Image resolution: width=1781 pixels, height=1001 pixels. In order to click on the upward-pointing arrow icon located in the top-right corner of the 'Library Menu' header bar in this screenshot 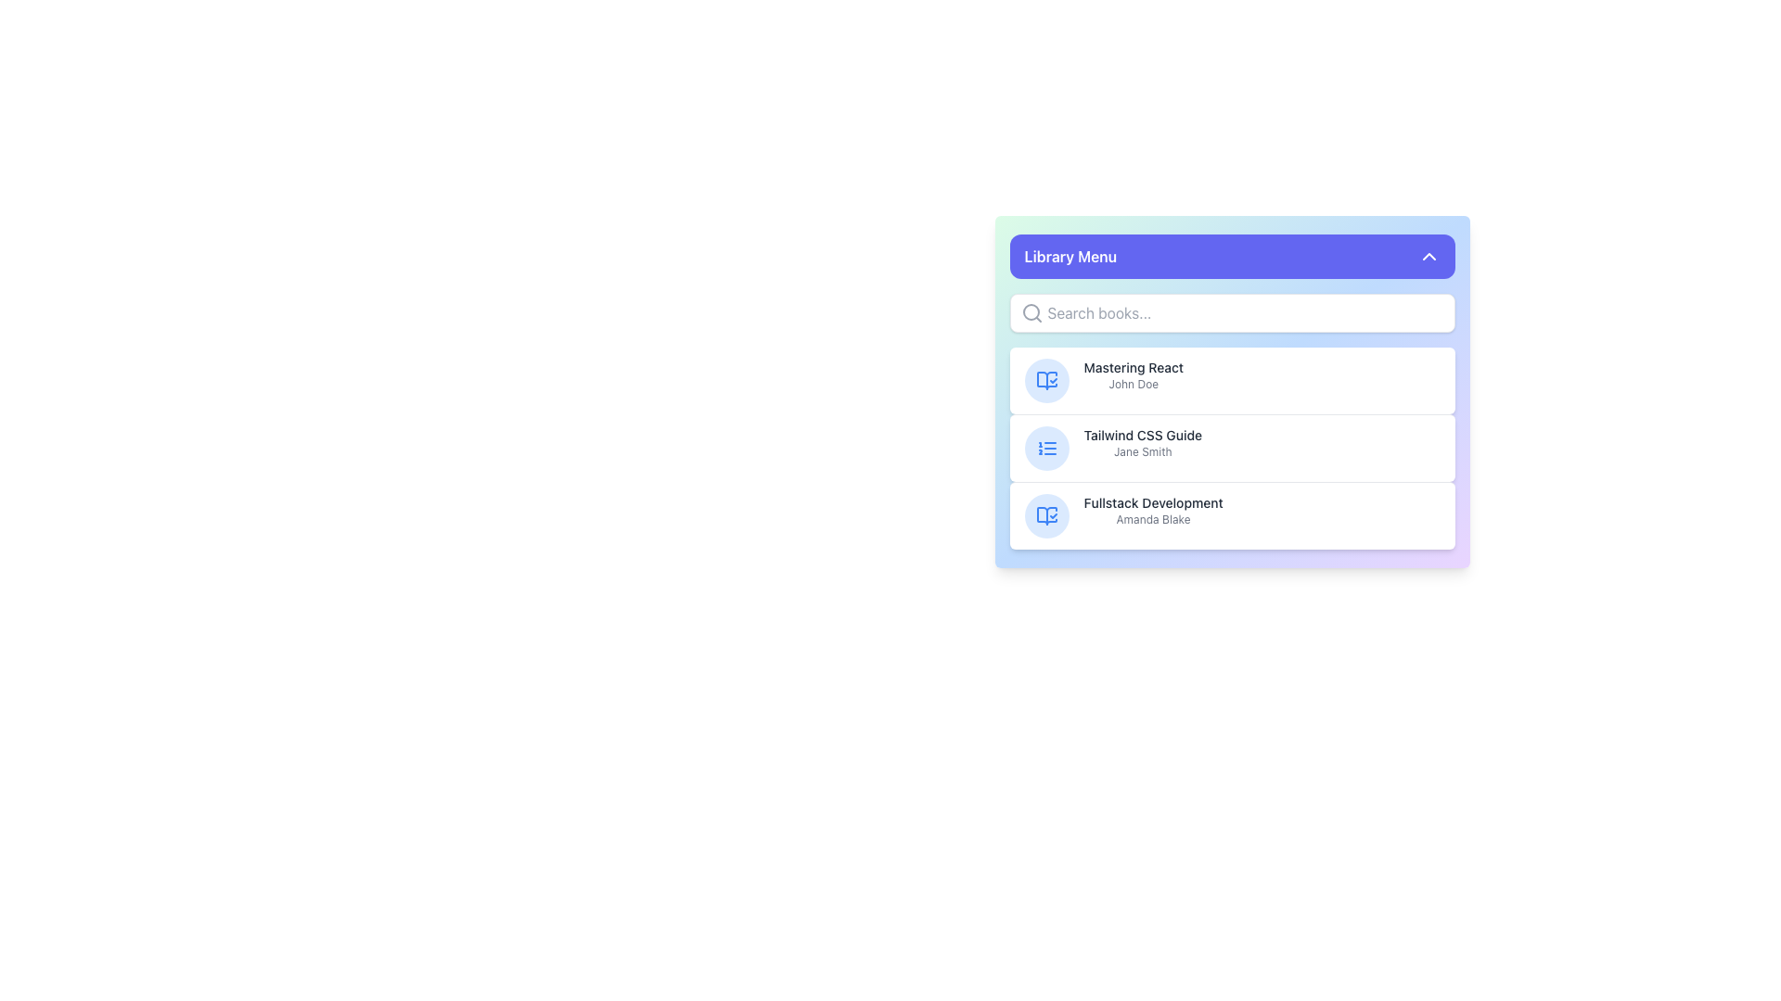, I will do `click(1428, 257)`.